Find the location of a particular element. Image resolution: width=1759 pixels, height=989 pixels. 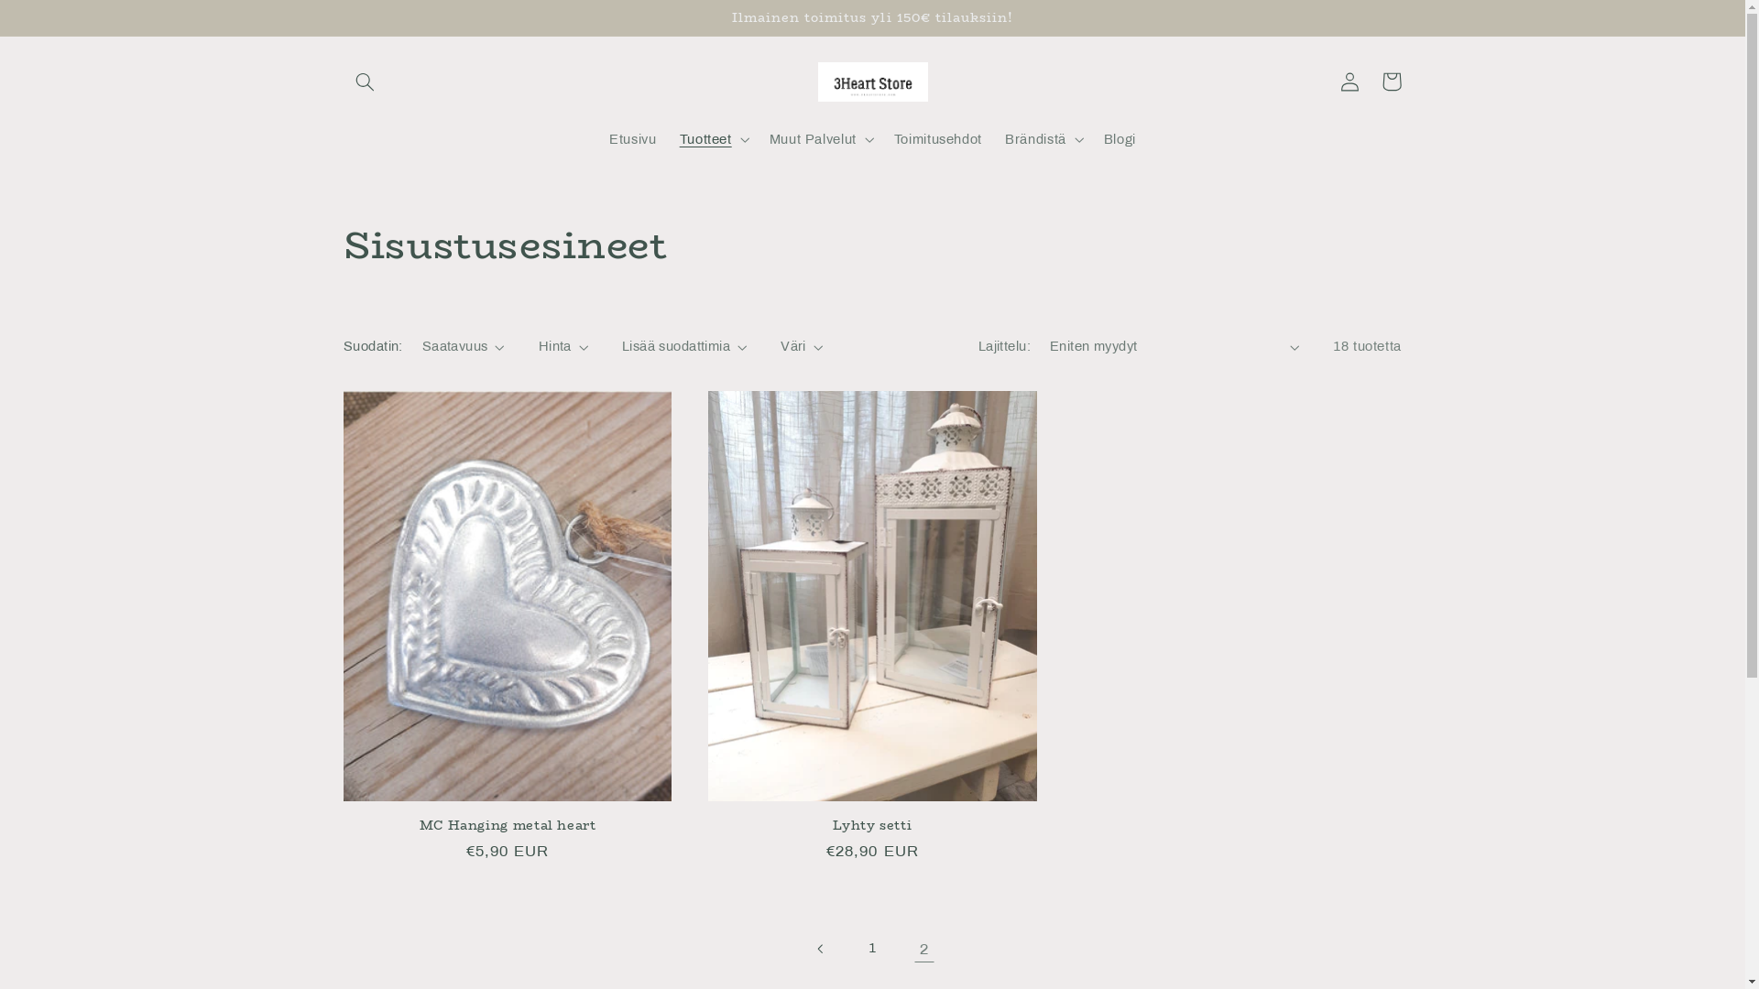

'2' is located at coordinates (923, 948).